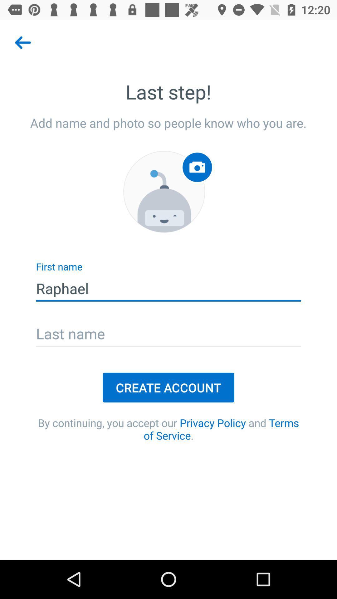 Image resolution: width=337 pixels, height=599 pixels. What do you see at coordinates (22, 42) in the screenshot?
I see `the arrow_backward icon` at bounding box center [22, 42].